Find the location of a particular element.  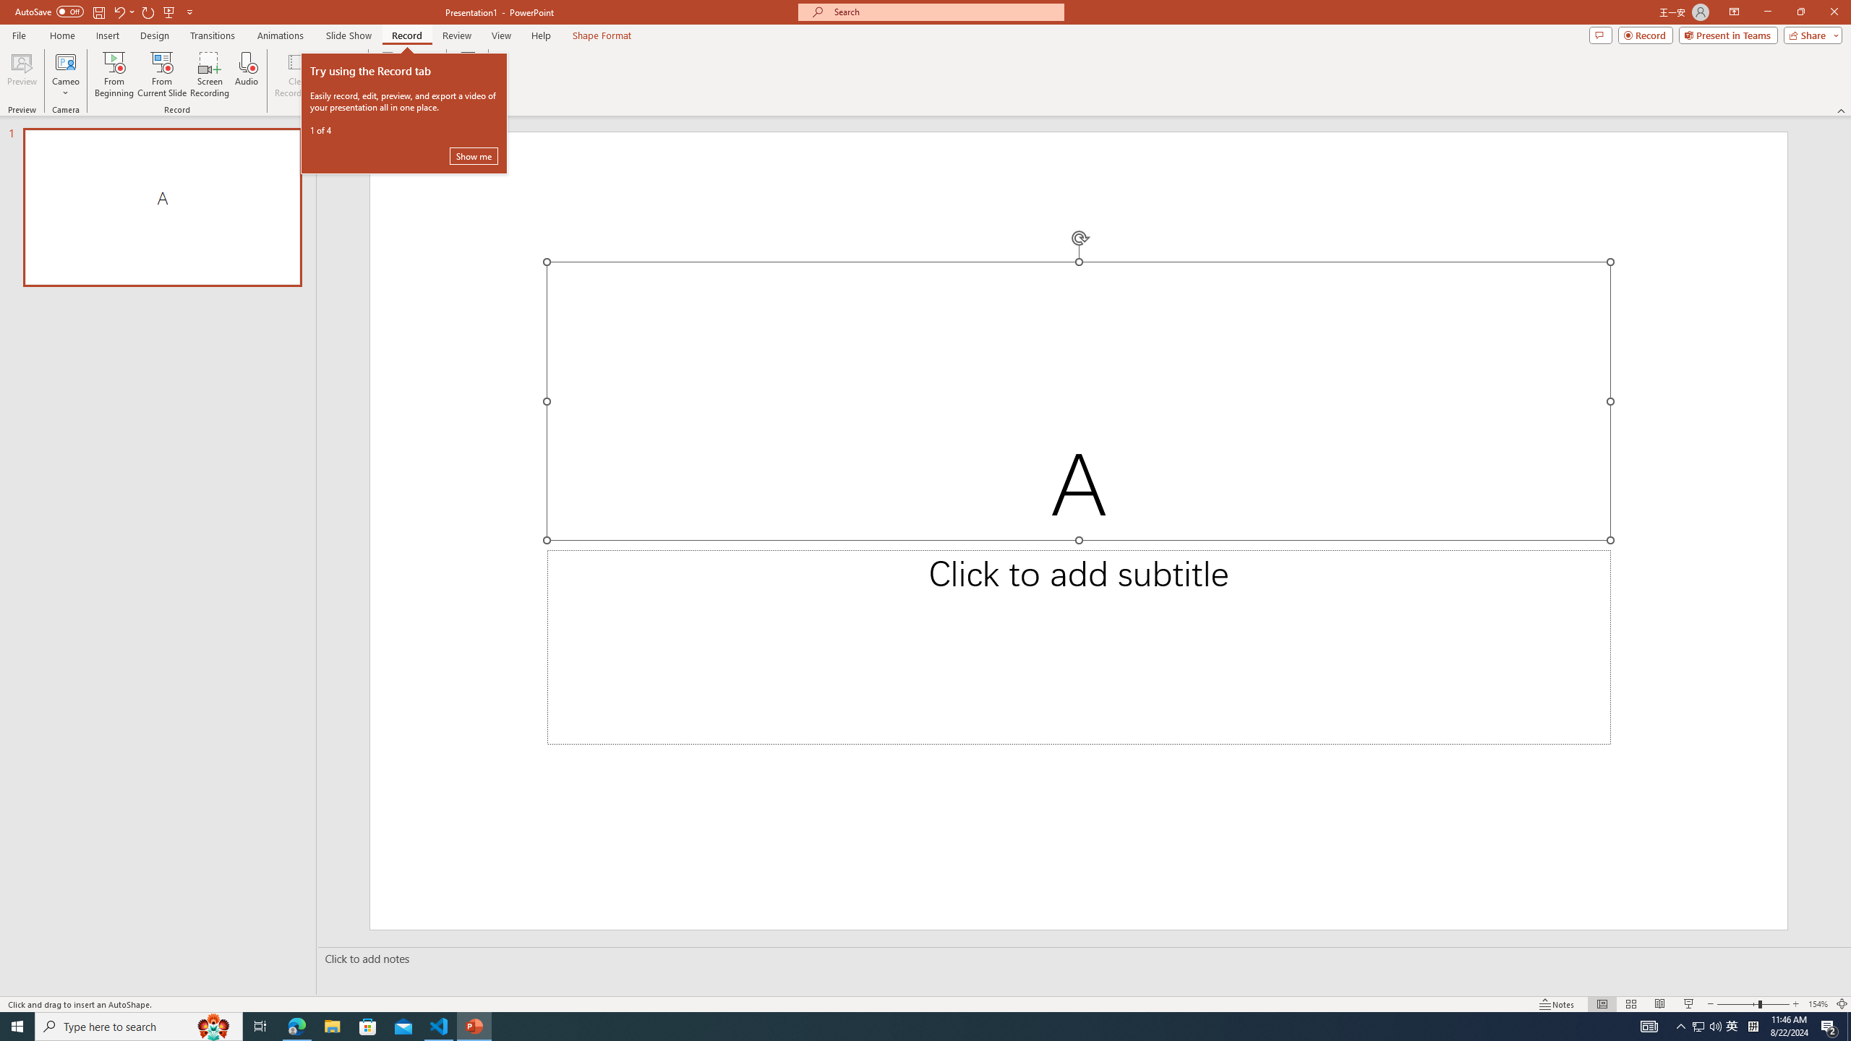

'From Current Slide...' is located at coordinates (162, 74).